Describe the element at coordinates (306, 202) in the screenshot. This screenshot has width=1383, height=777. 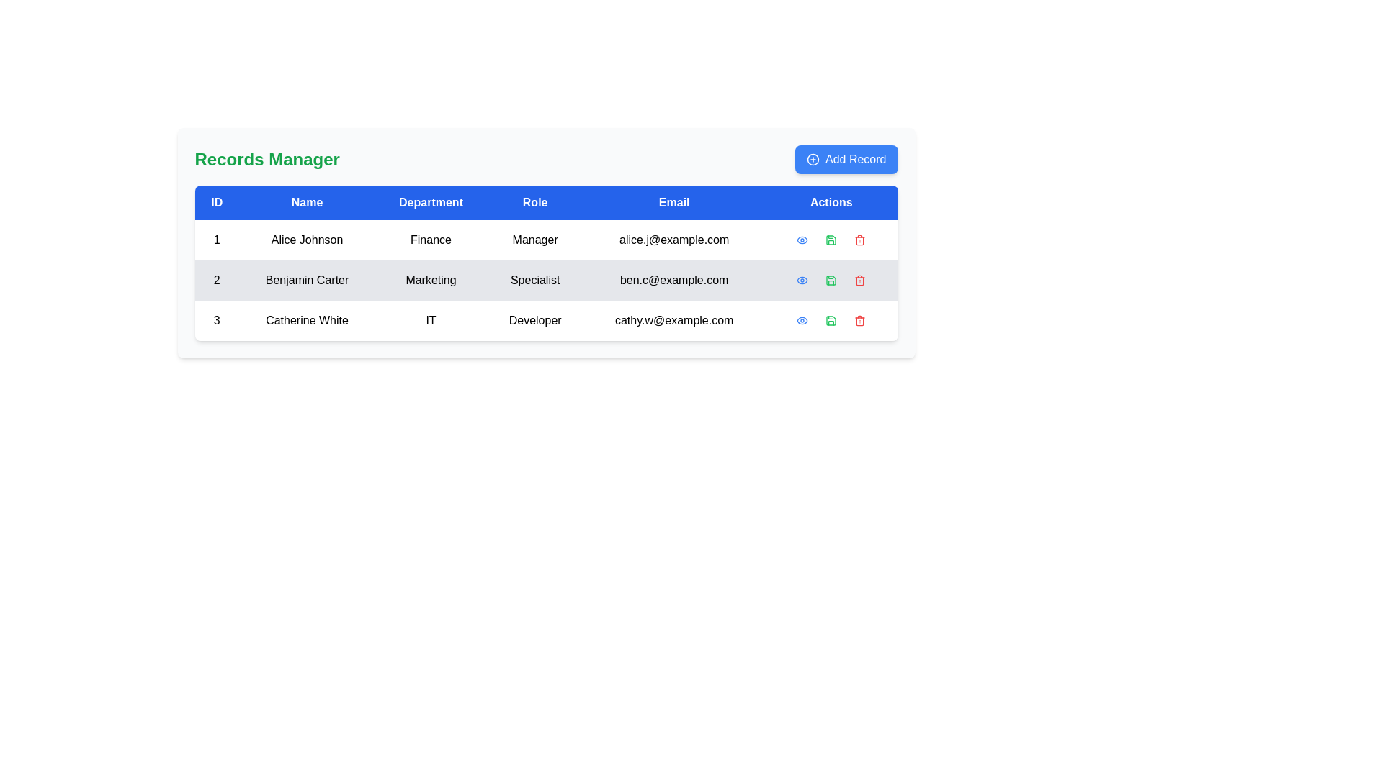
I see `the Table Header Cell labeled 'Name', which is the second column header in the data table, positioned between the 'ID' and 'Department' headers` at that location.